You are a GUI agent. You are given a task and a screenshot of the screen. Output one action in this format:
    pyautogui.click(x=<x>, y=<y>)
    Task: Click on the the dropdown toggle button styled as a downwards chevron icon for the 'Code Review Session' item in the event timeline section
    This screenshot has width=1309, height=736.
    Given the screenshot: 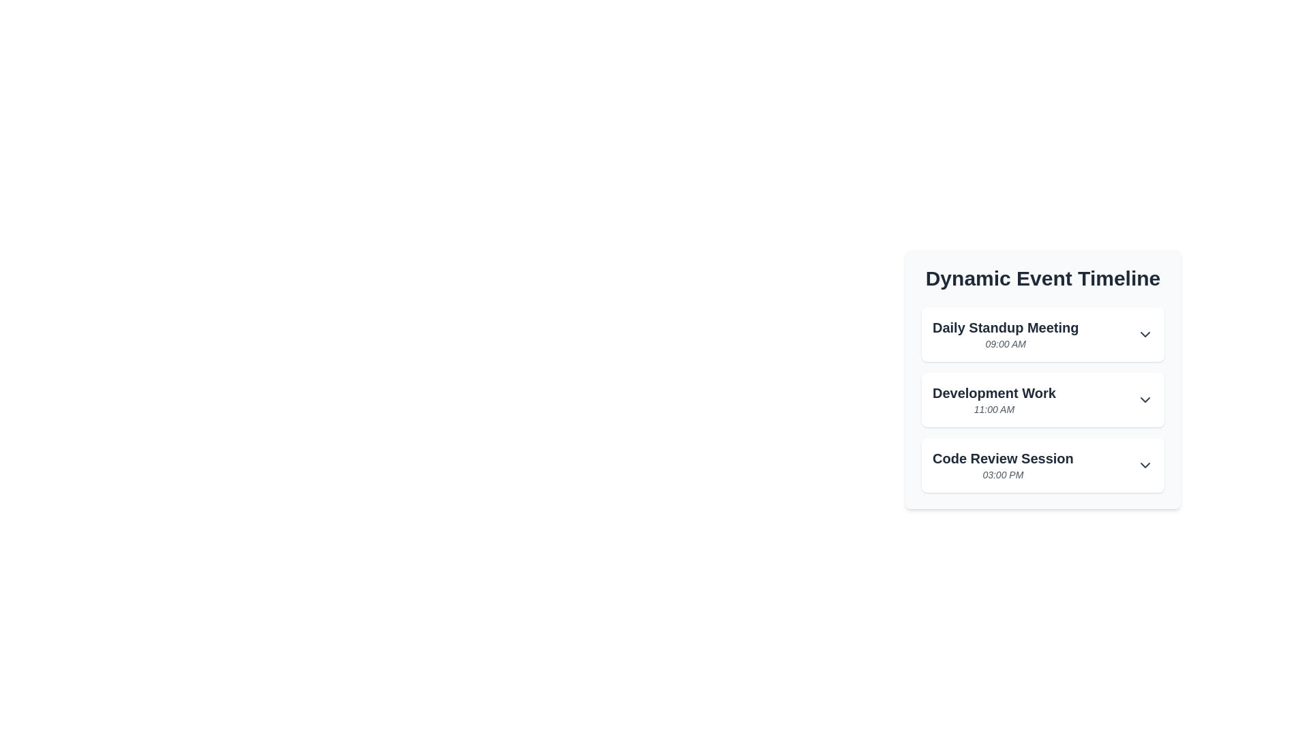 What is the action you would take?
    pyautogui.click(x=1145, y=464)
    